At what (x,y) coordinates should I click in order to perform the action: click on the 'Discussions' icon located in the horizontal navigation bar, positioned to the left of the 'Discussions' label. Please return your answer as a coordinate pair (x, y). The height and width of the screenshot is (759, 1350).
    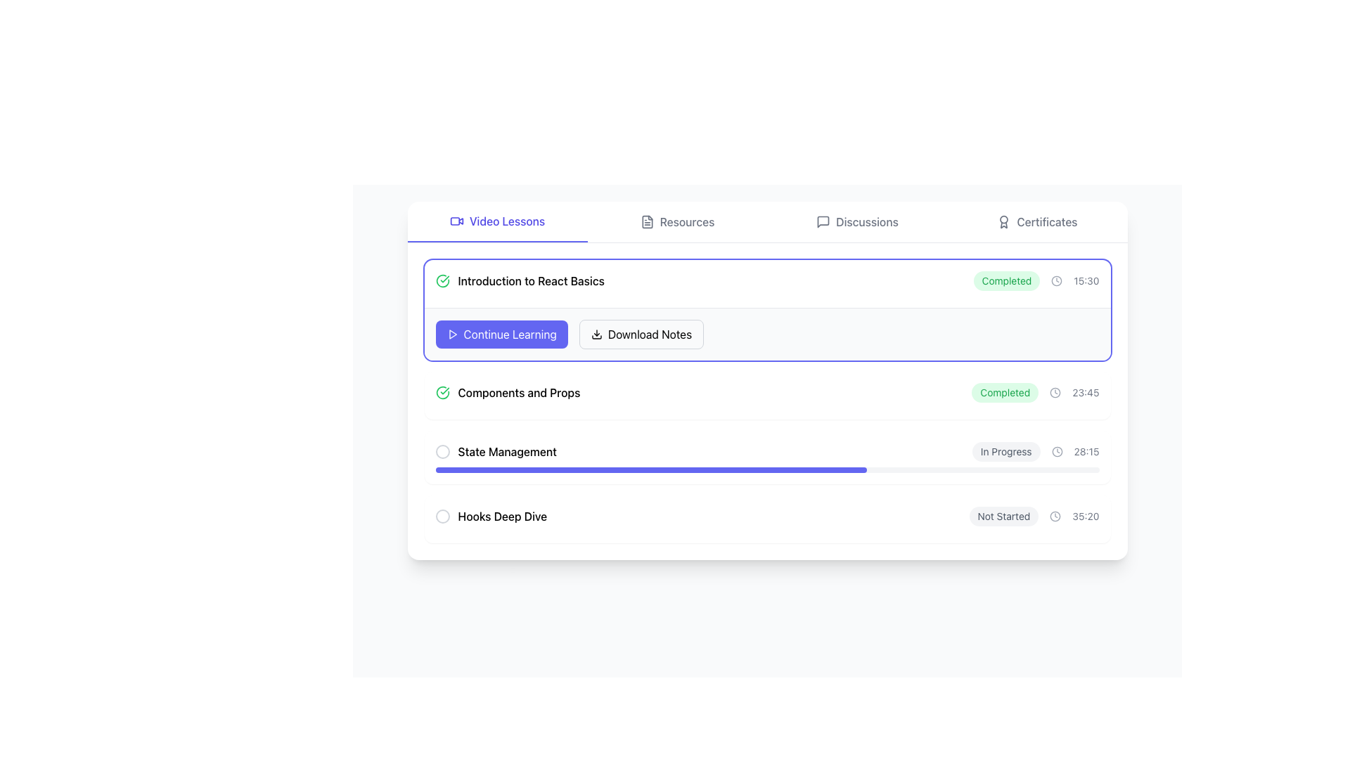
    Looking at the image, I should click on (823, 221).